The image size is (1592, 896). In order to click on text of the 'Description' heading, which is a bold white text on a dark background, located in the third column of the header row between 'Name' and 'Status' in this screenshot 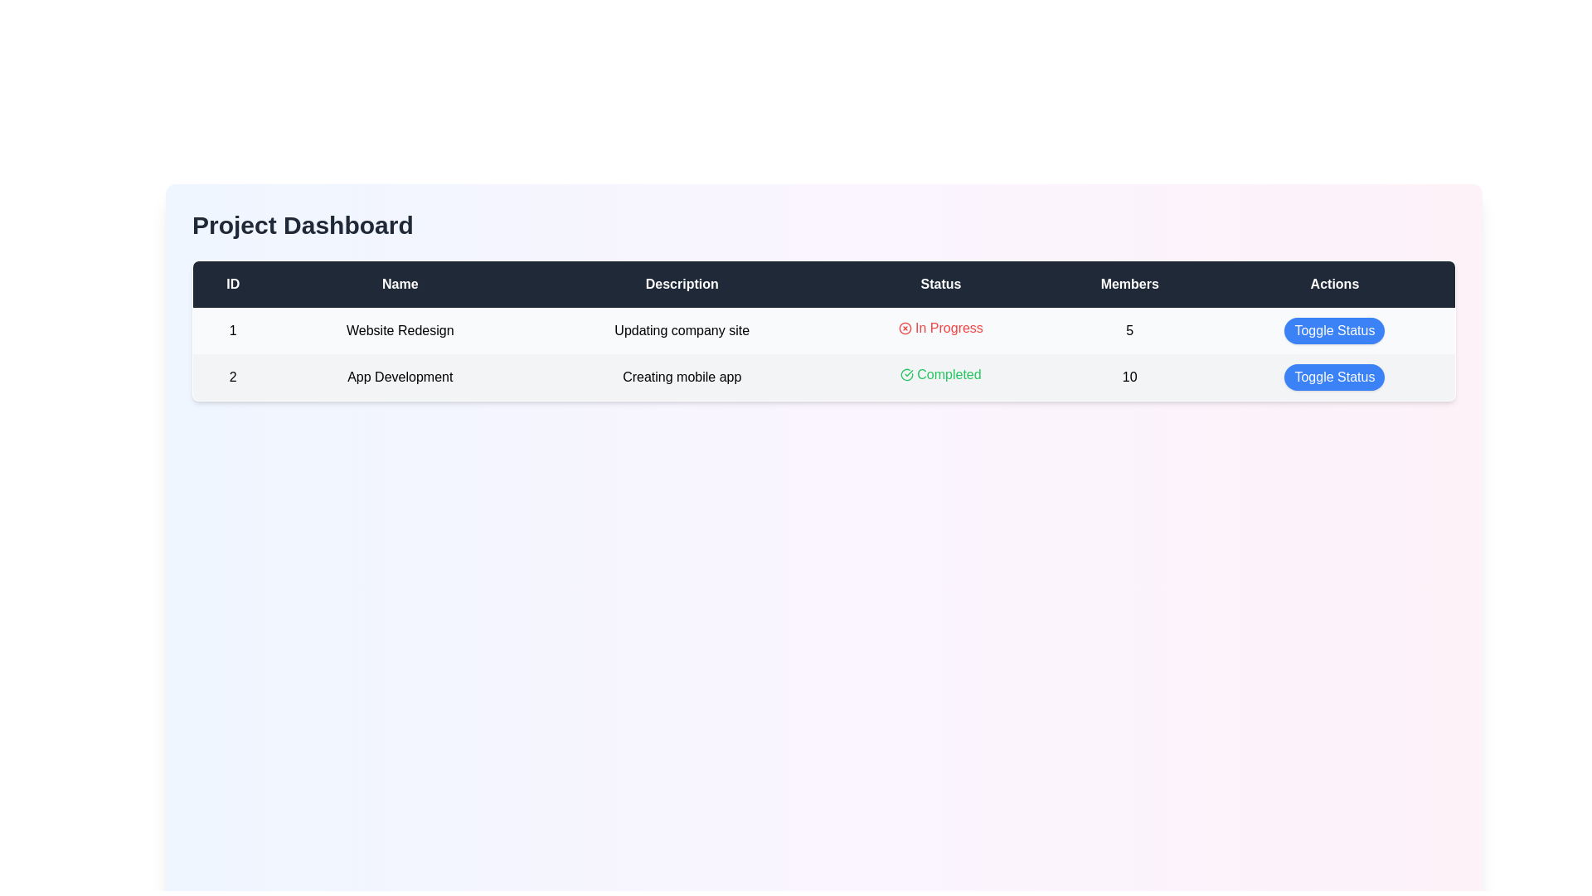, I will do `click(682, 283)`.